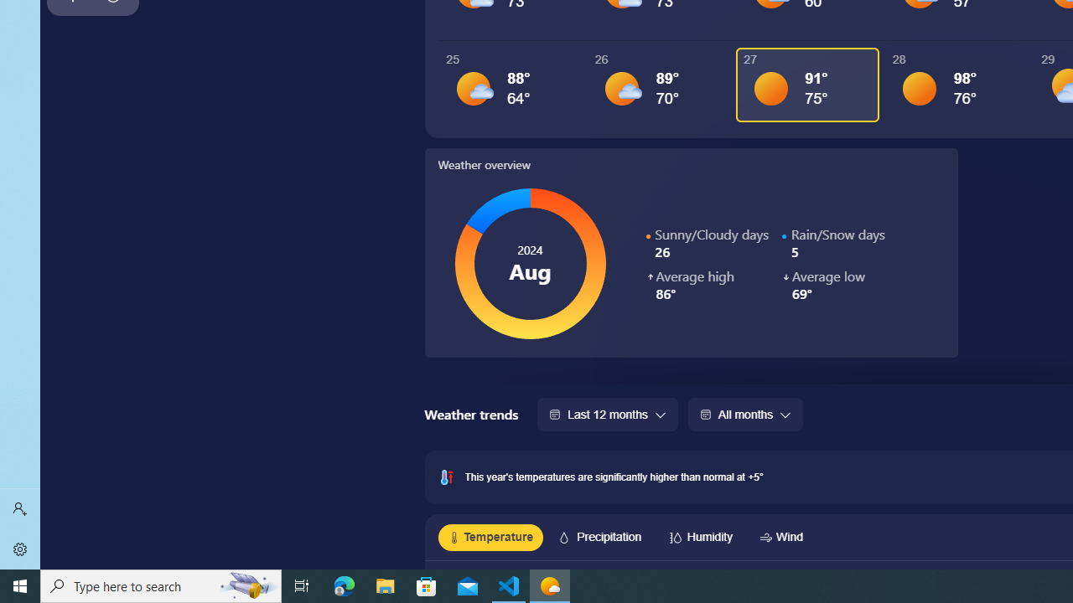 This screenshot has height=603, width=1073. What do you see at coordinates (20, 508) in the screenshot?
I see `'Sign in'` at bounding box center [20, 508].